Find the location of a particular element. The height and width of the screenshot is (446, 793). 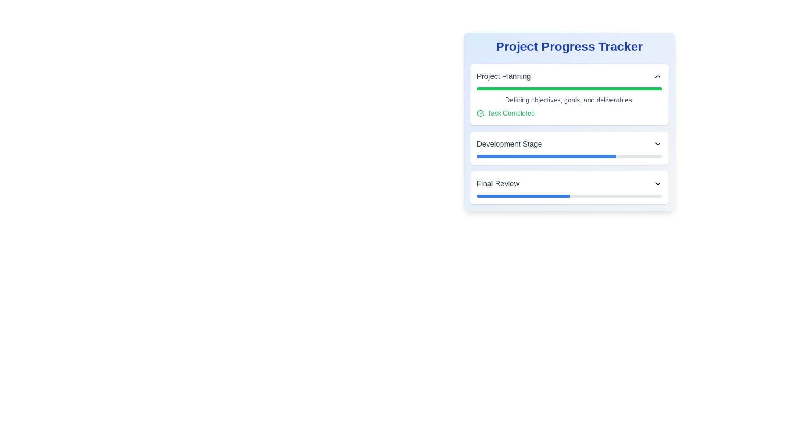

the completion percentage of the 'Final Review' progress bar is located at coordinates (547, 196).